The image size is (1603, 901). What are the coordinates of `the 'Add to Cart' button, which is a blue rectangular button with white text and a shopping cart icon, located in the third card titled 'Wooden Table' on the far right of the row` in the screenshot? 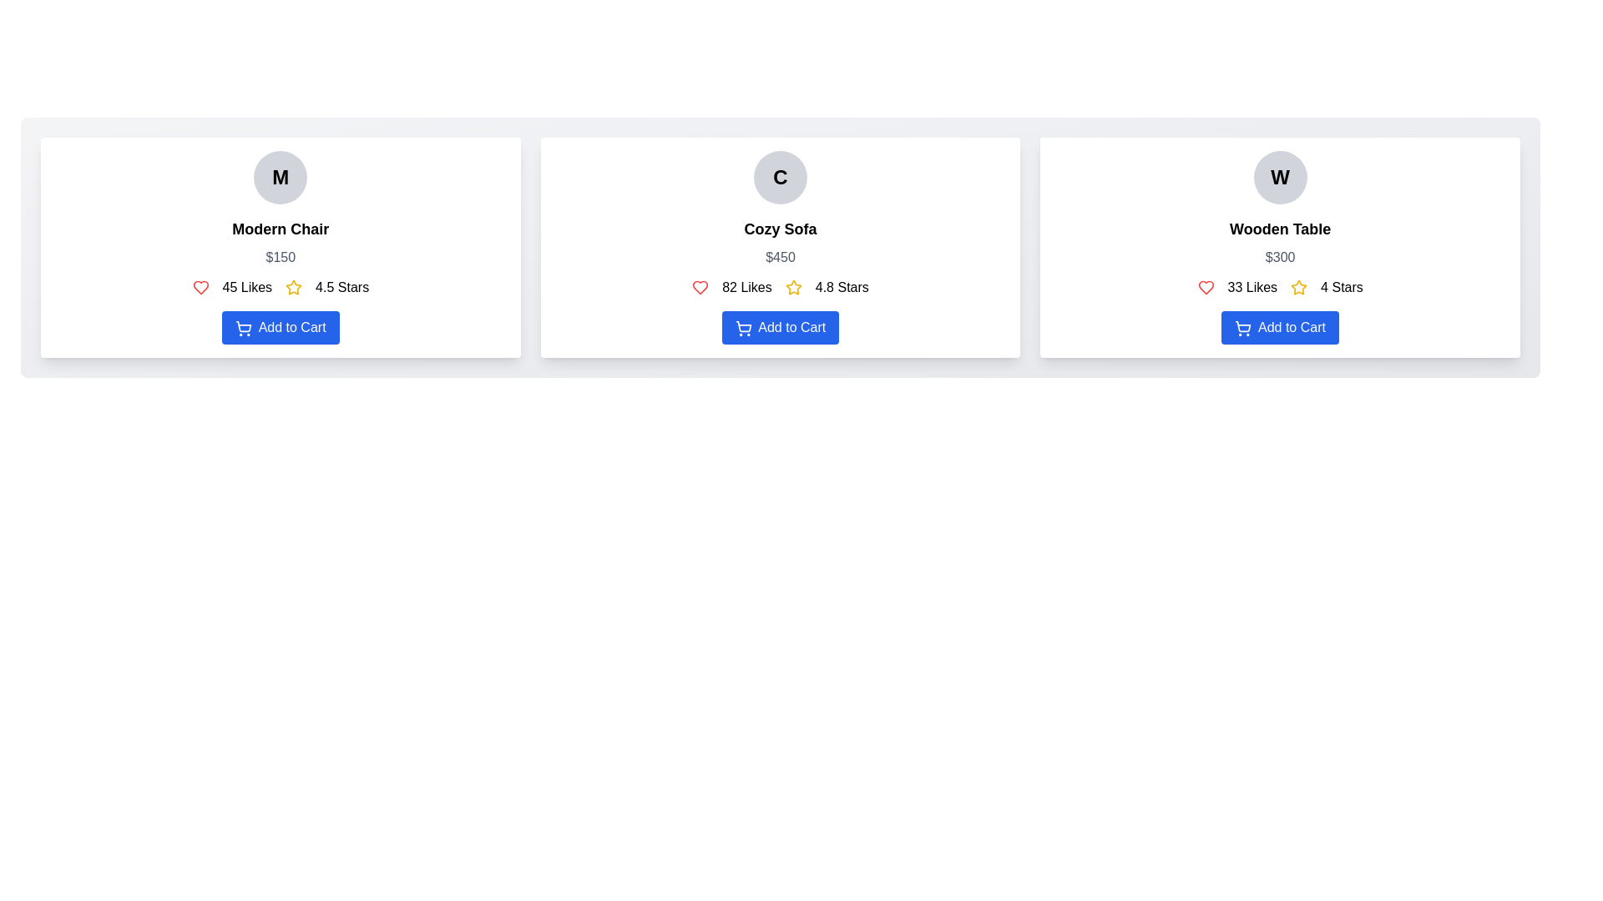 It's located at (1279, 328).